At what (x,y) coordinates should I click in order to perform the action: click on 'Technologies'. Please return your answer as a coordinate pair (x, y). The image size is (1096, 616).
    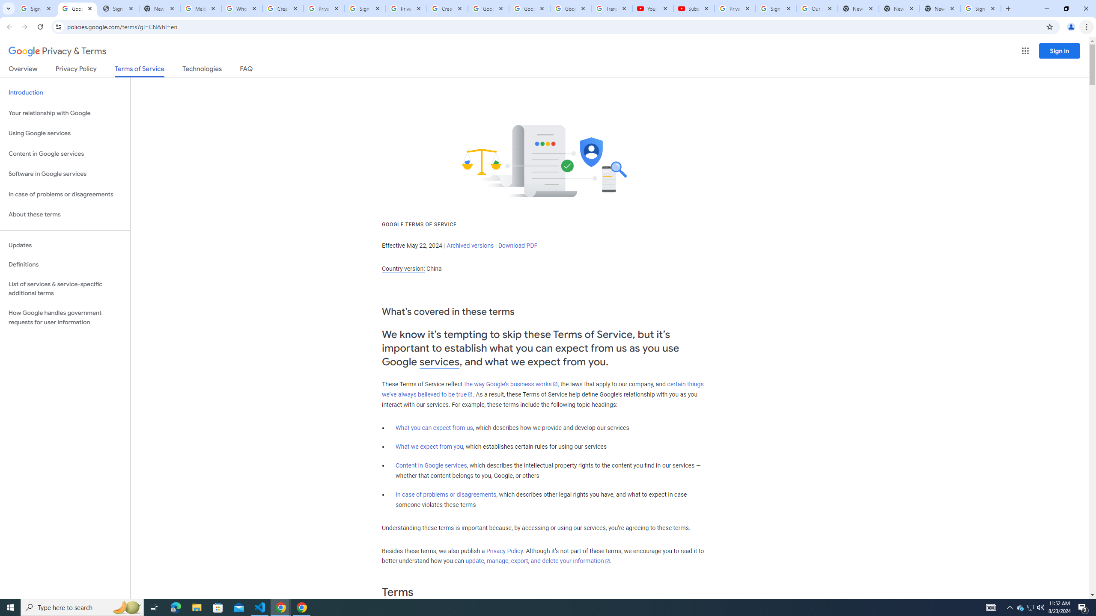
    Looking at the image, I should click on (202, 70).